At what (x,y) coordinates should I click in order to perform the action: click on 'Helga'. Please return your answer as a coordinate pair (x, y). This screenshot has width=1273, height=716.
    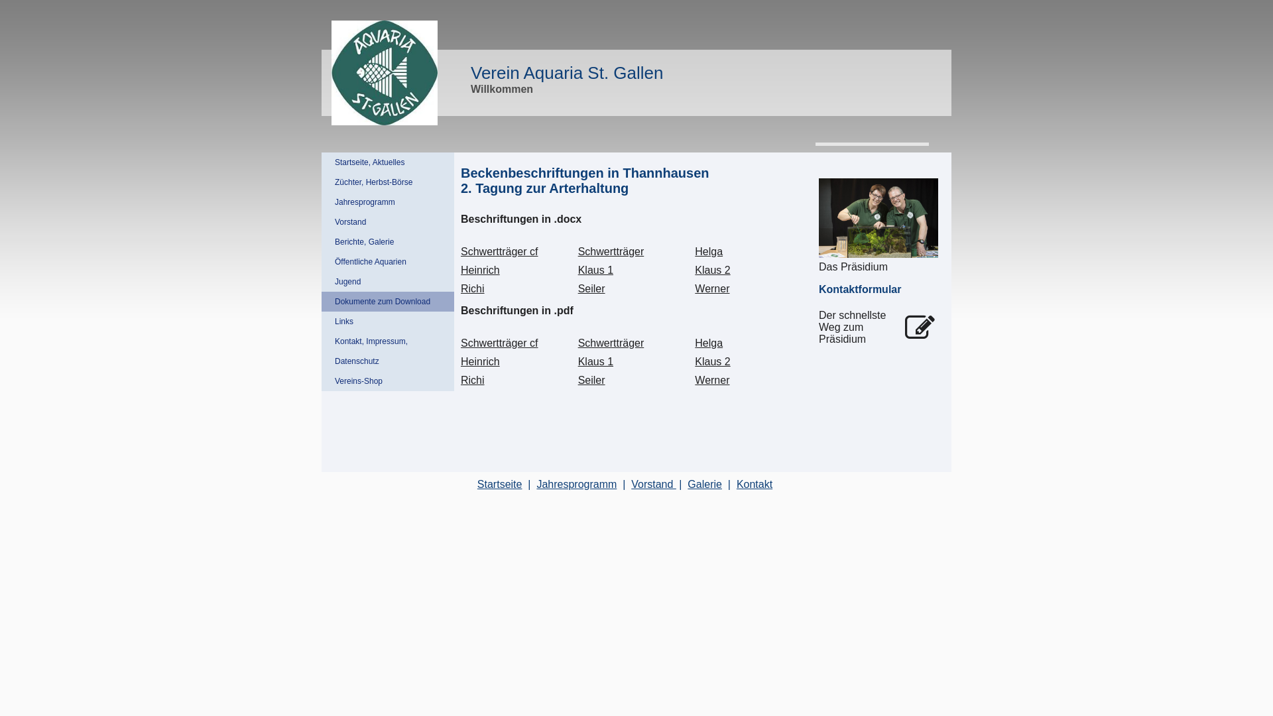
    Looking at the image, I should click on (708, 342).